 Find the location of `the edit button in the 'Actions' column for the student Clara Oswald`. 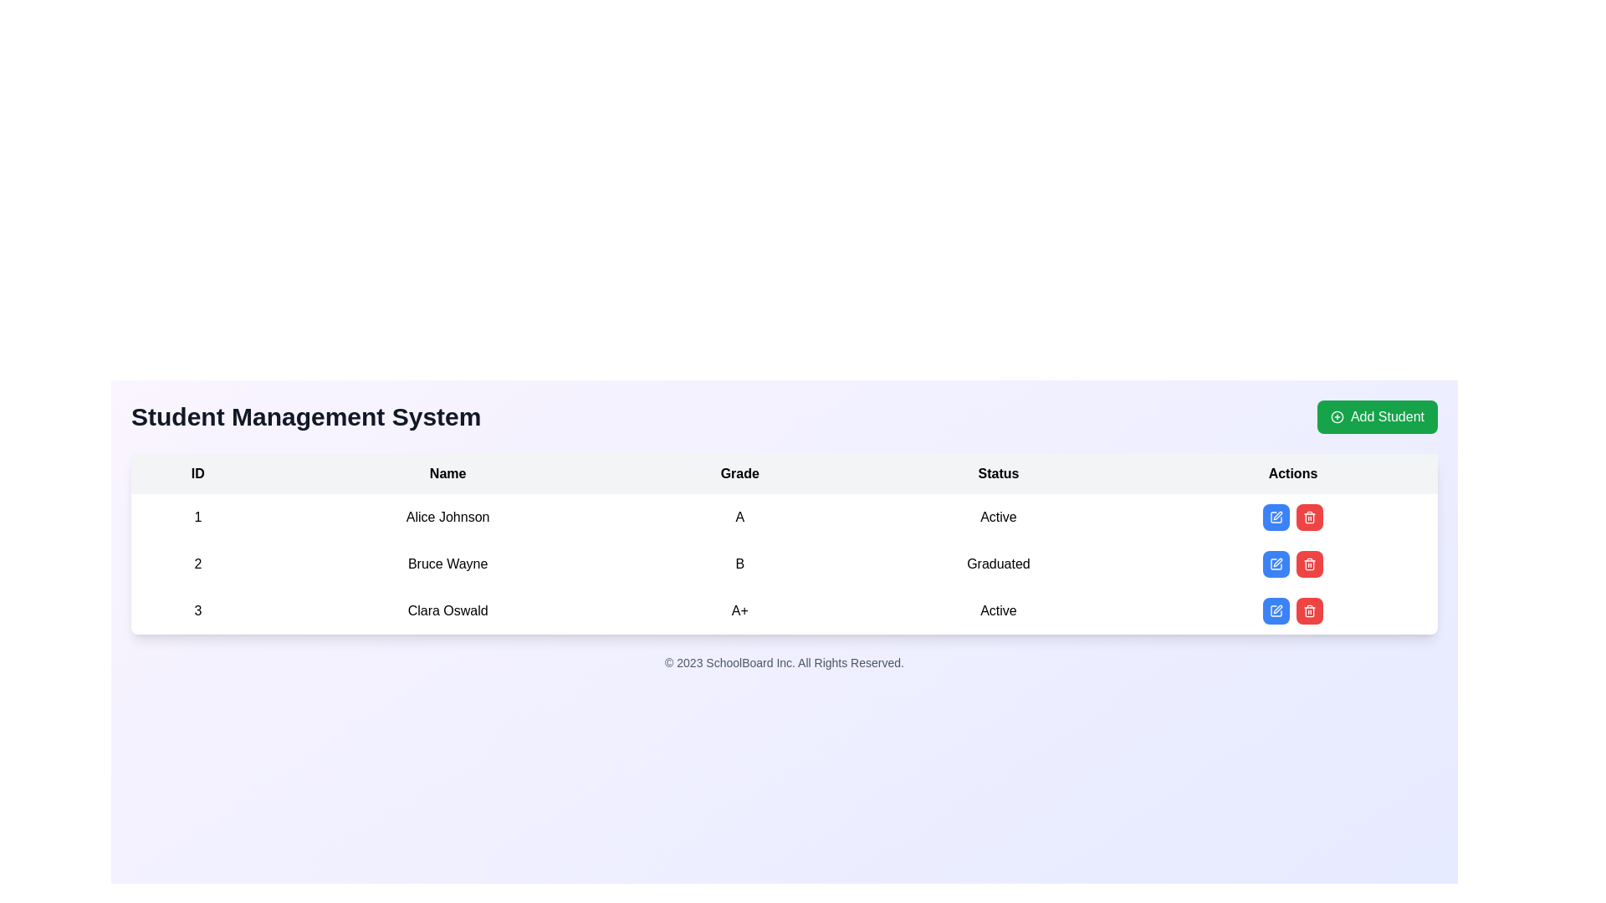

the edit button in the 'Actions' column for the student Clara Oswald is located at coordinates (1276, 611).